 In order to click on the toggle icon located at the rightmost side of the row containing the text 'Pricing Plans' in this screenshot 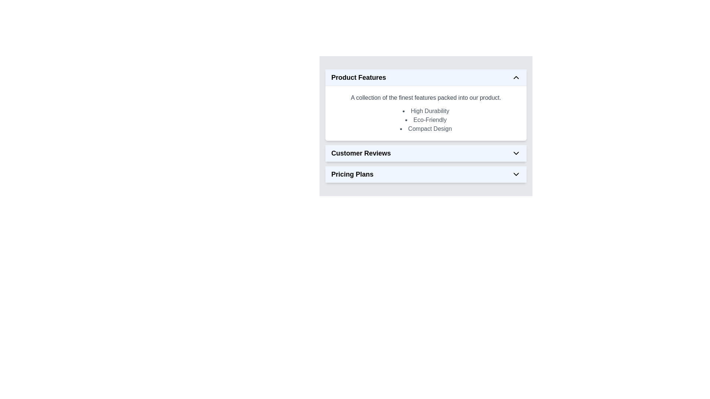, I will do `click(516, 174)`.